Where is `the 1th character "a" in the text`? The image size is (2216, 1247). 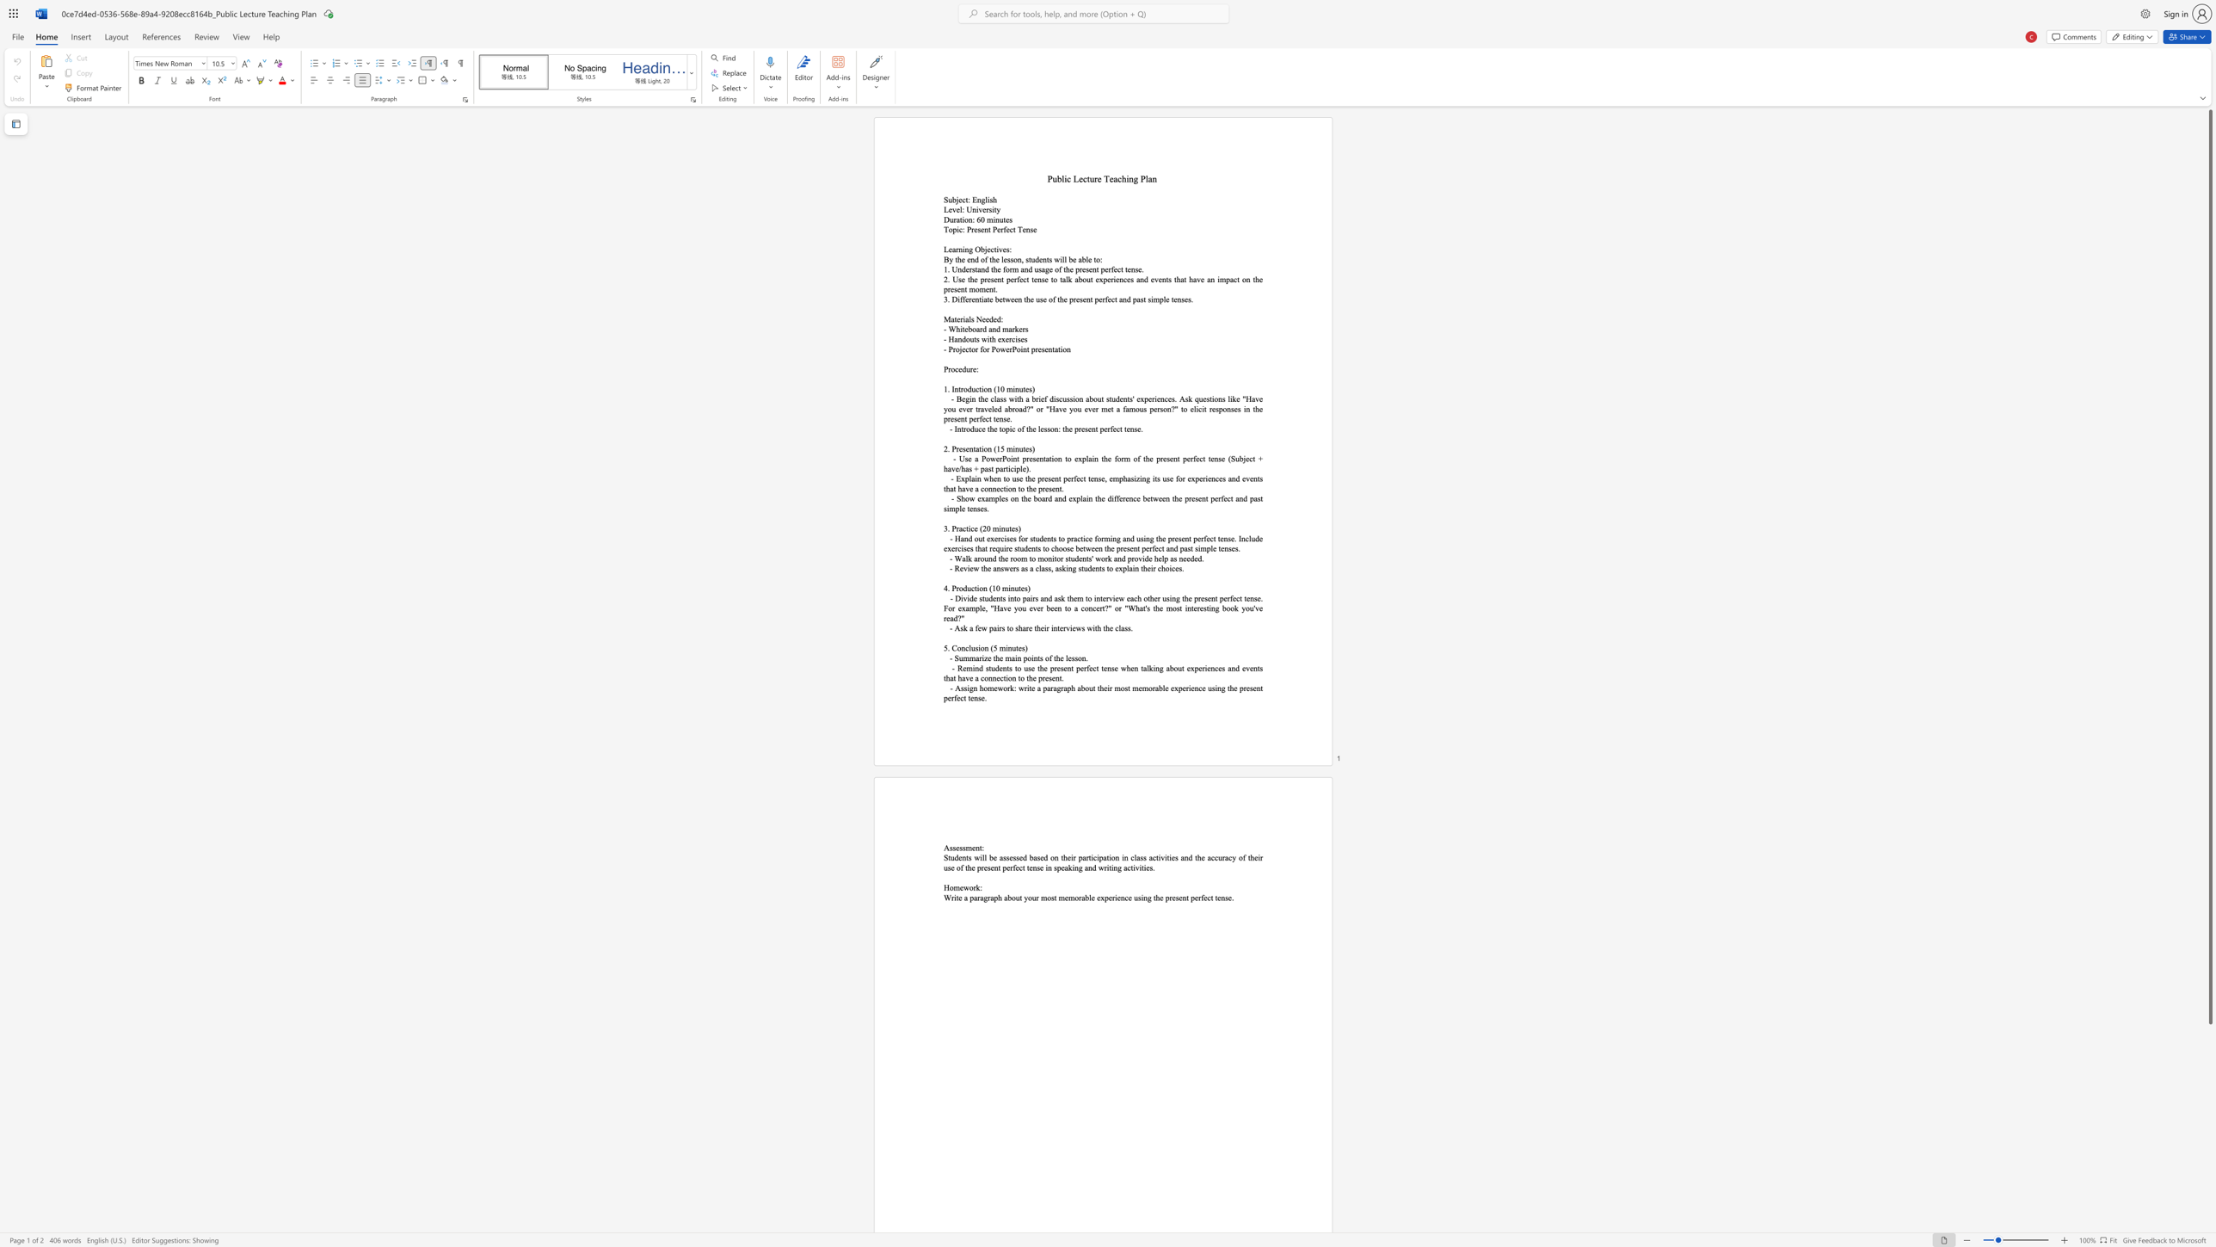
the 1th character "a" in the text is located at coordinates (1056, 349).